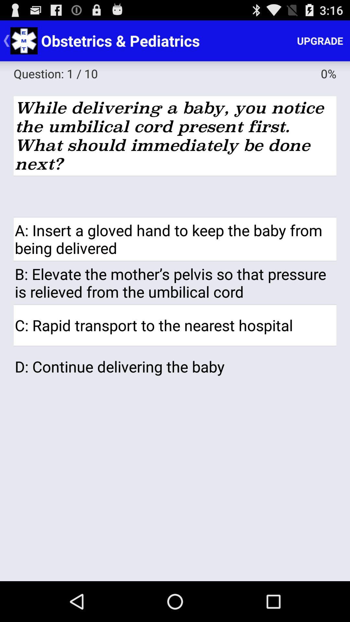  What do you see at coordinates (175, 135) in the screenshot?
I see `the while delivering a app` at bounding box center [175, 135].